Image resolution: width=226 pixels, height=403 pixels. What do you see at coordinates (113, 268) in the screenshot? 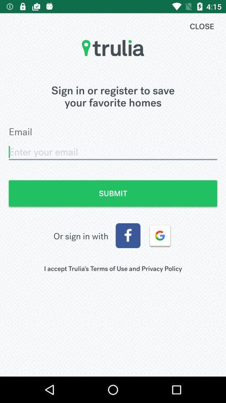
I see `the i accept trulia item` at bounding box center [113, 268].